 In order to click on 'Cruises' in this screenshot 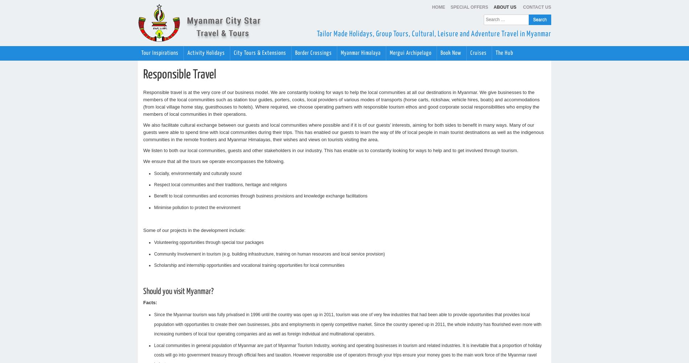, I will do `click(479, 53)`.